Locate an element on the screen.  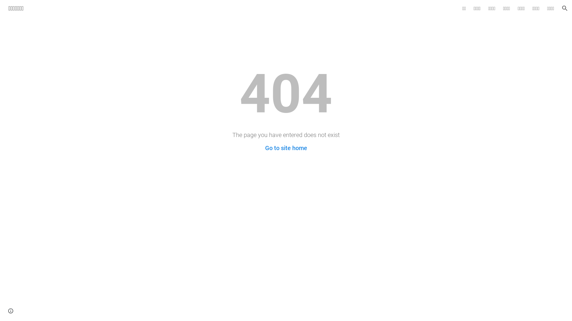
'Go to site home' is located at coordinates (286, 147).